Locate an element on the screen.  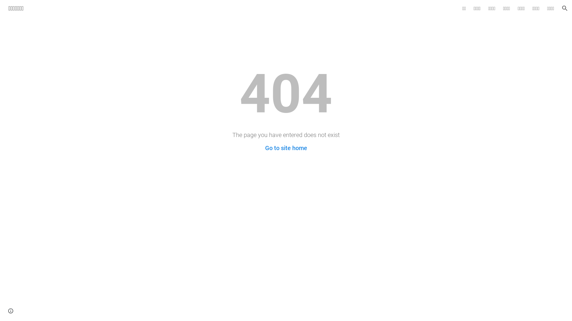
'Go to site home' is located at coordinates (286, 147).